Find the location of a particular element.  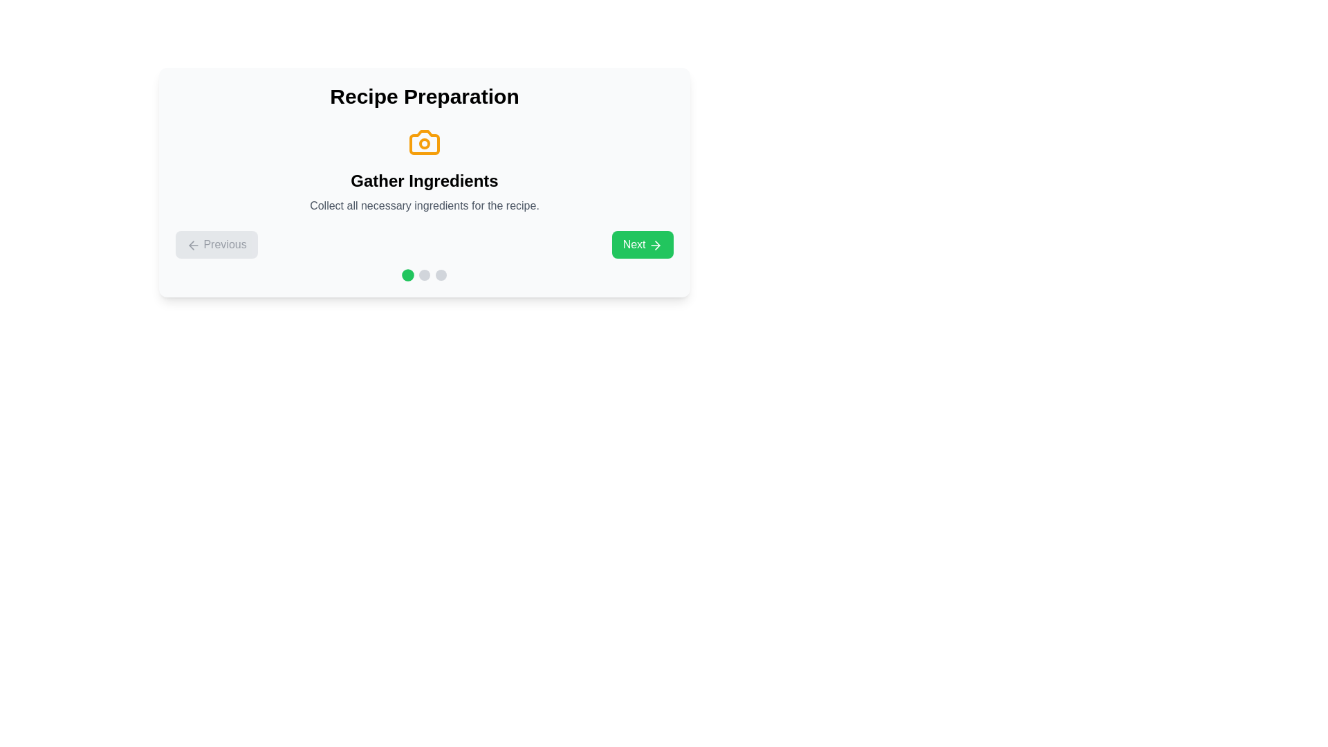

the camera icon representing photography actions, located at the center of the main card above the 'Gather Ingredients' text and beneath the 'Recipe Preparation' title is located at coordinates (424, 142).